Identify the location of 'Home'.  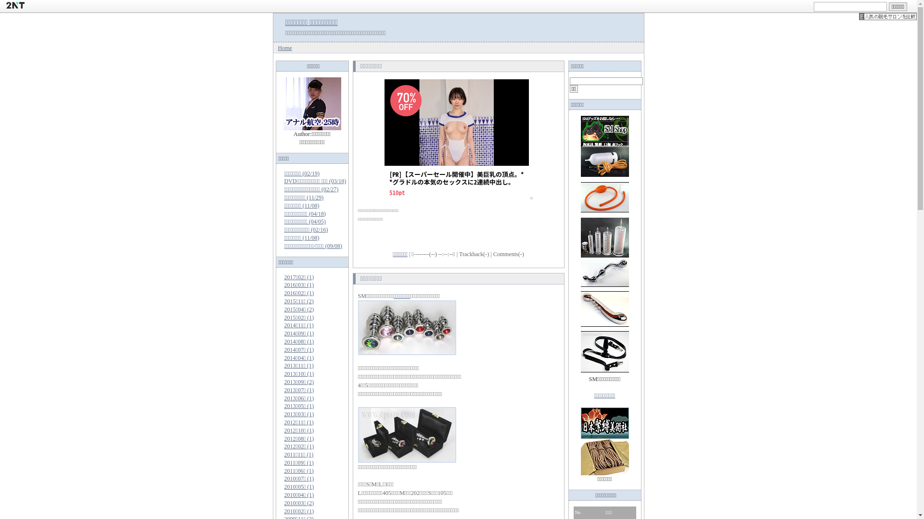
(284, 48).